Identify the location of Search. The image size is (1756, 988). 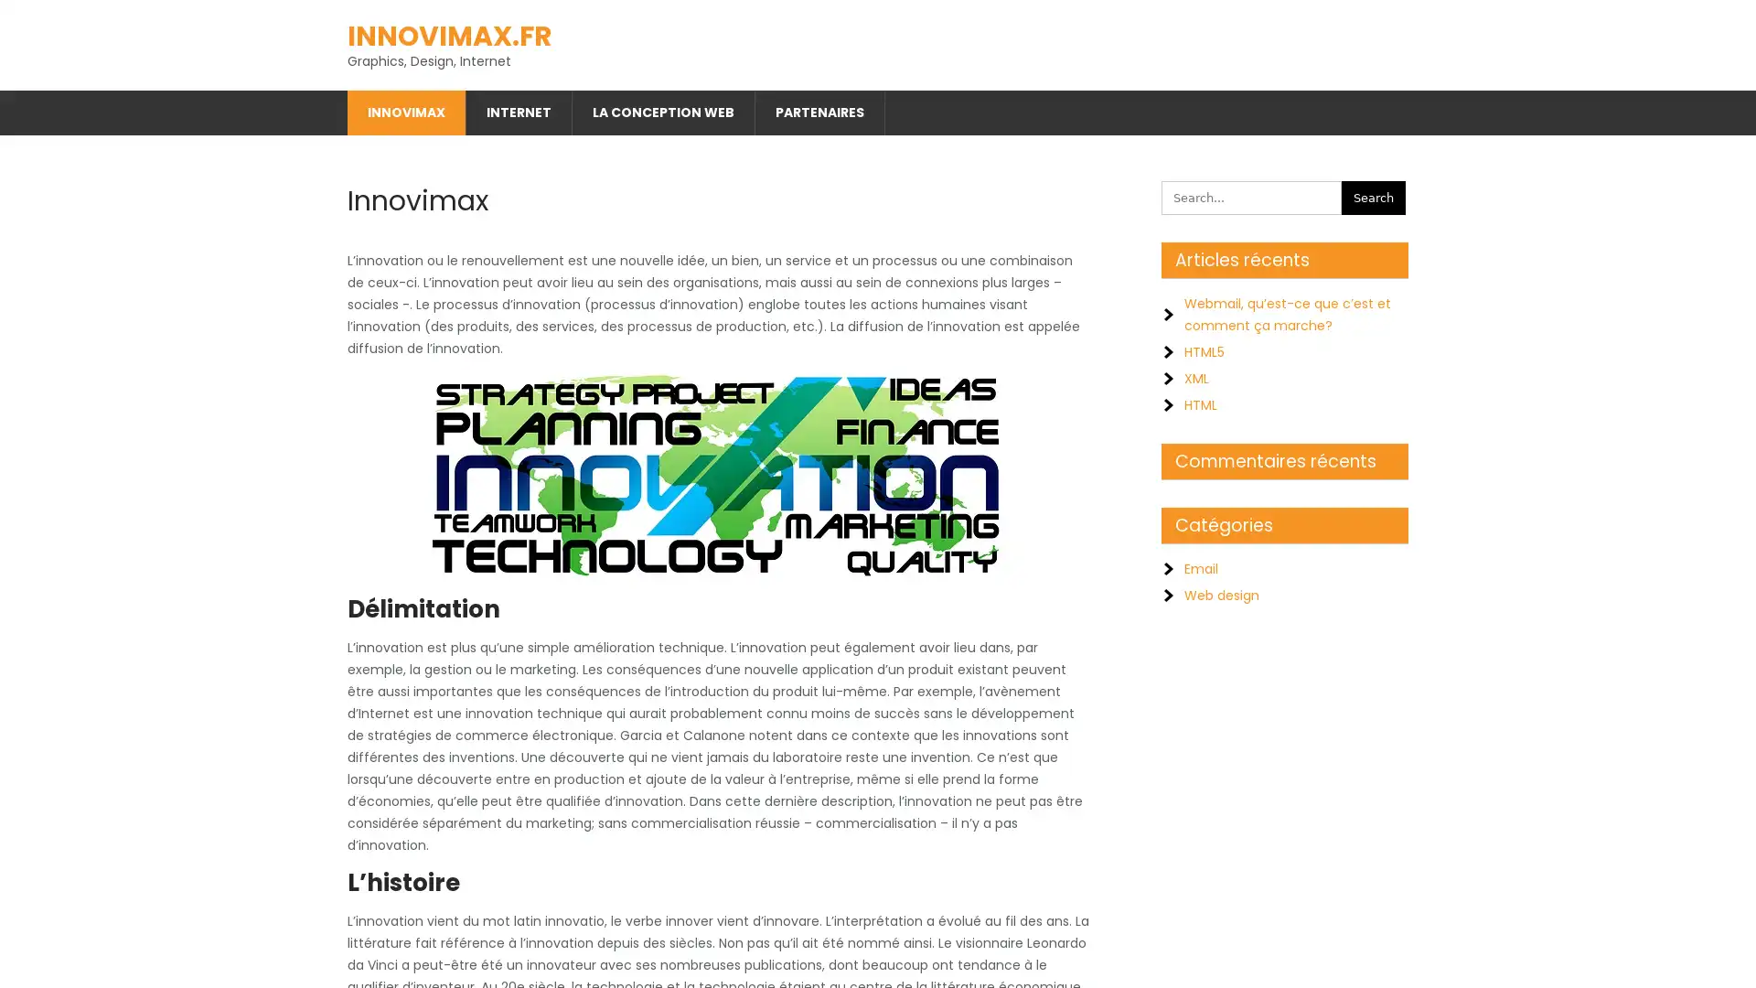
(1374, 193).